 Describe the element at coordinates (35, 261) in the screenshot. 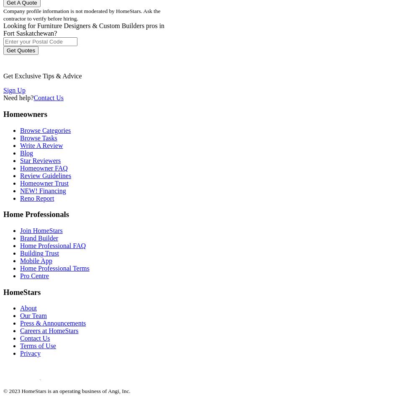

I see `'Mobile App'` at that location.